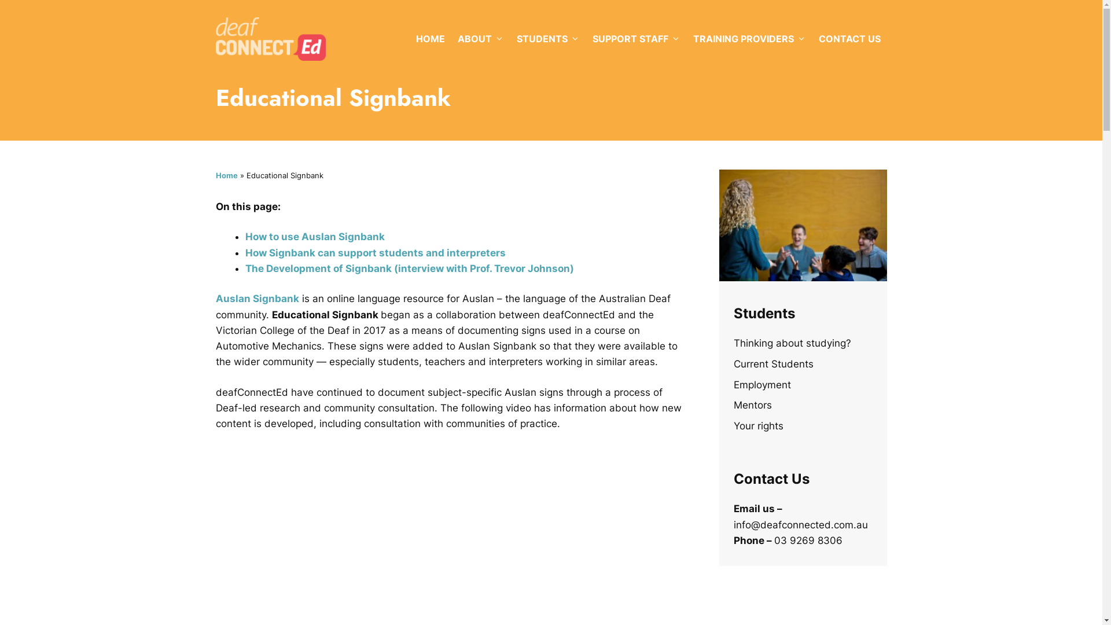 The image size is (1111, 625). Describe the element at coordinates (430, 38) in the screenshot. I see `'HOME'` at that location.